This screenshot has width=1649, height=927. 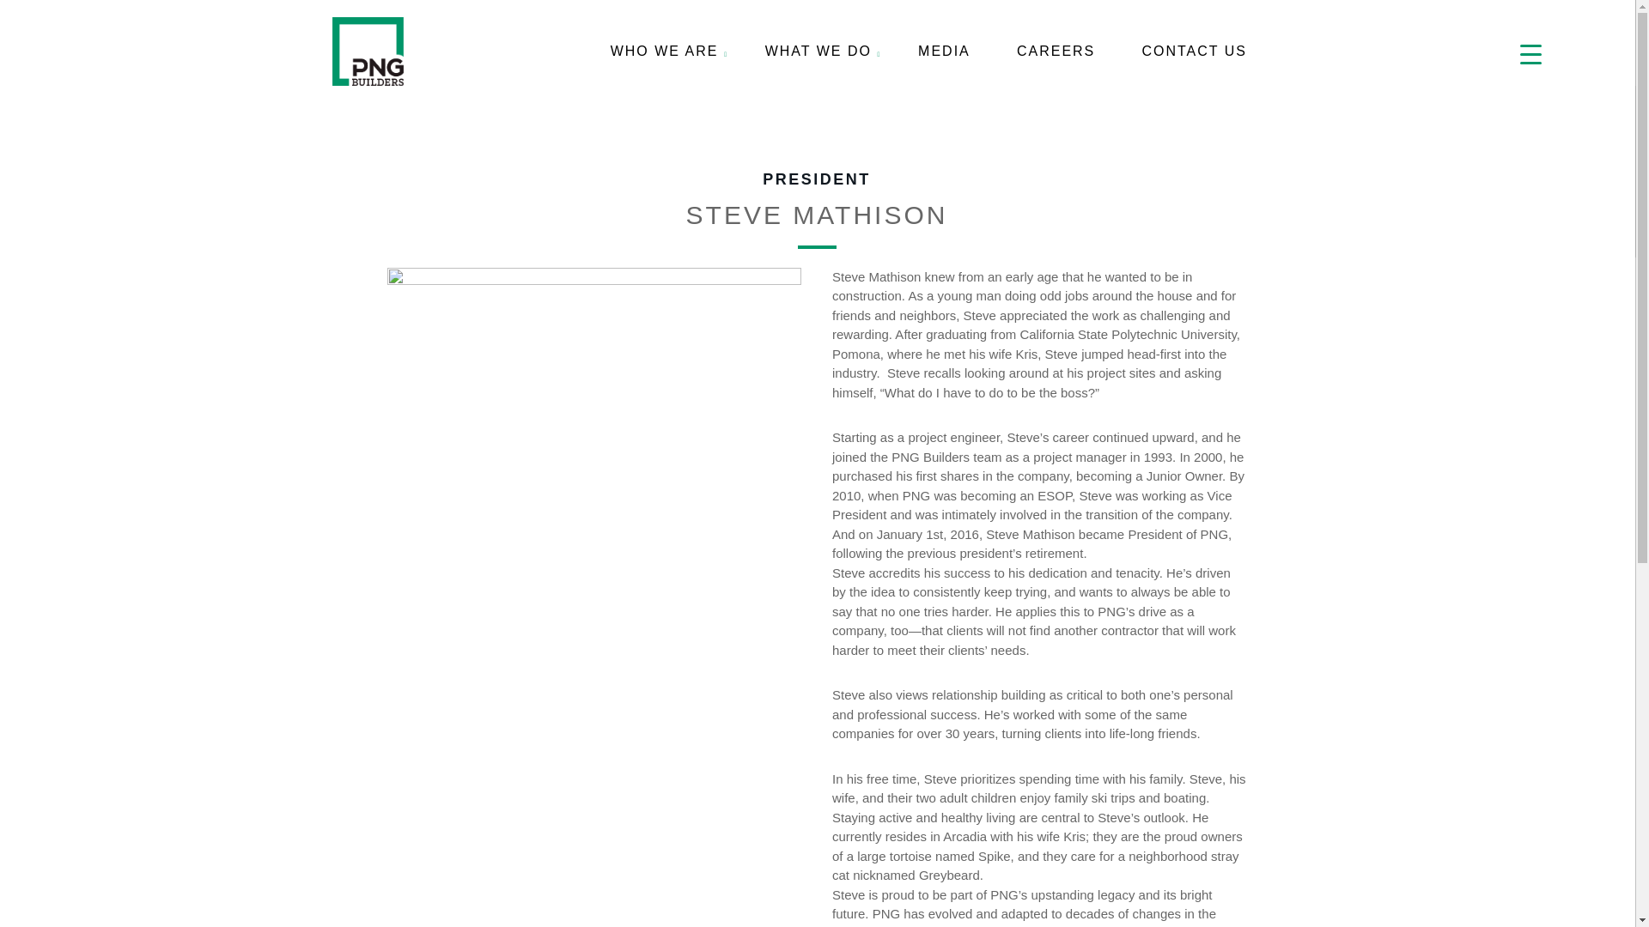 What do you see at coordinates (610, 51) in the screenshot?
I see `'WHO WE ARE'` at bounding box center [610, 51].